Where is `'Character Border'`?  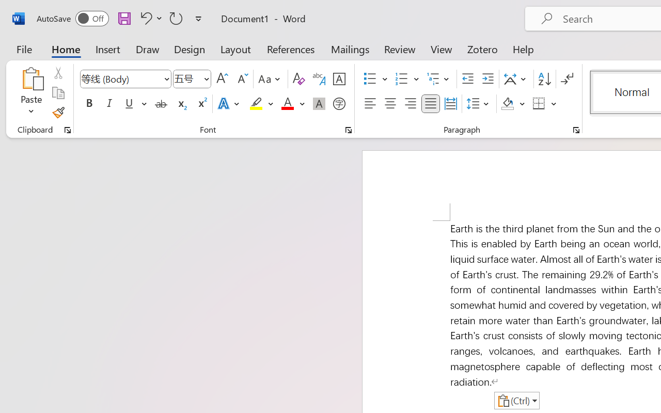
'Character Border' is located at coordinates (339, 79).